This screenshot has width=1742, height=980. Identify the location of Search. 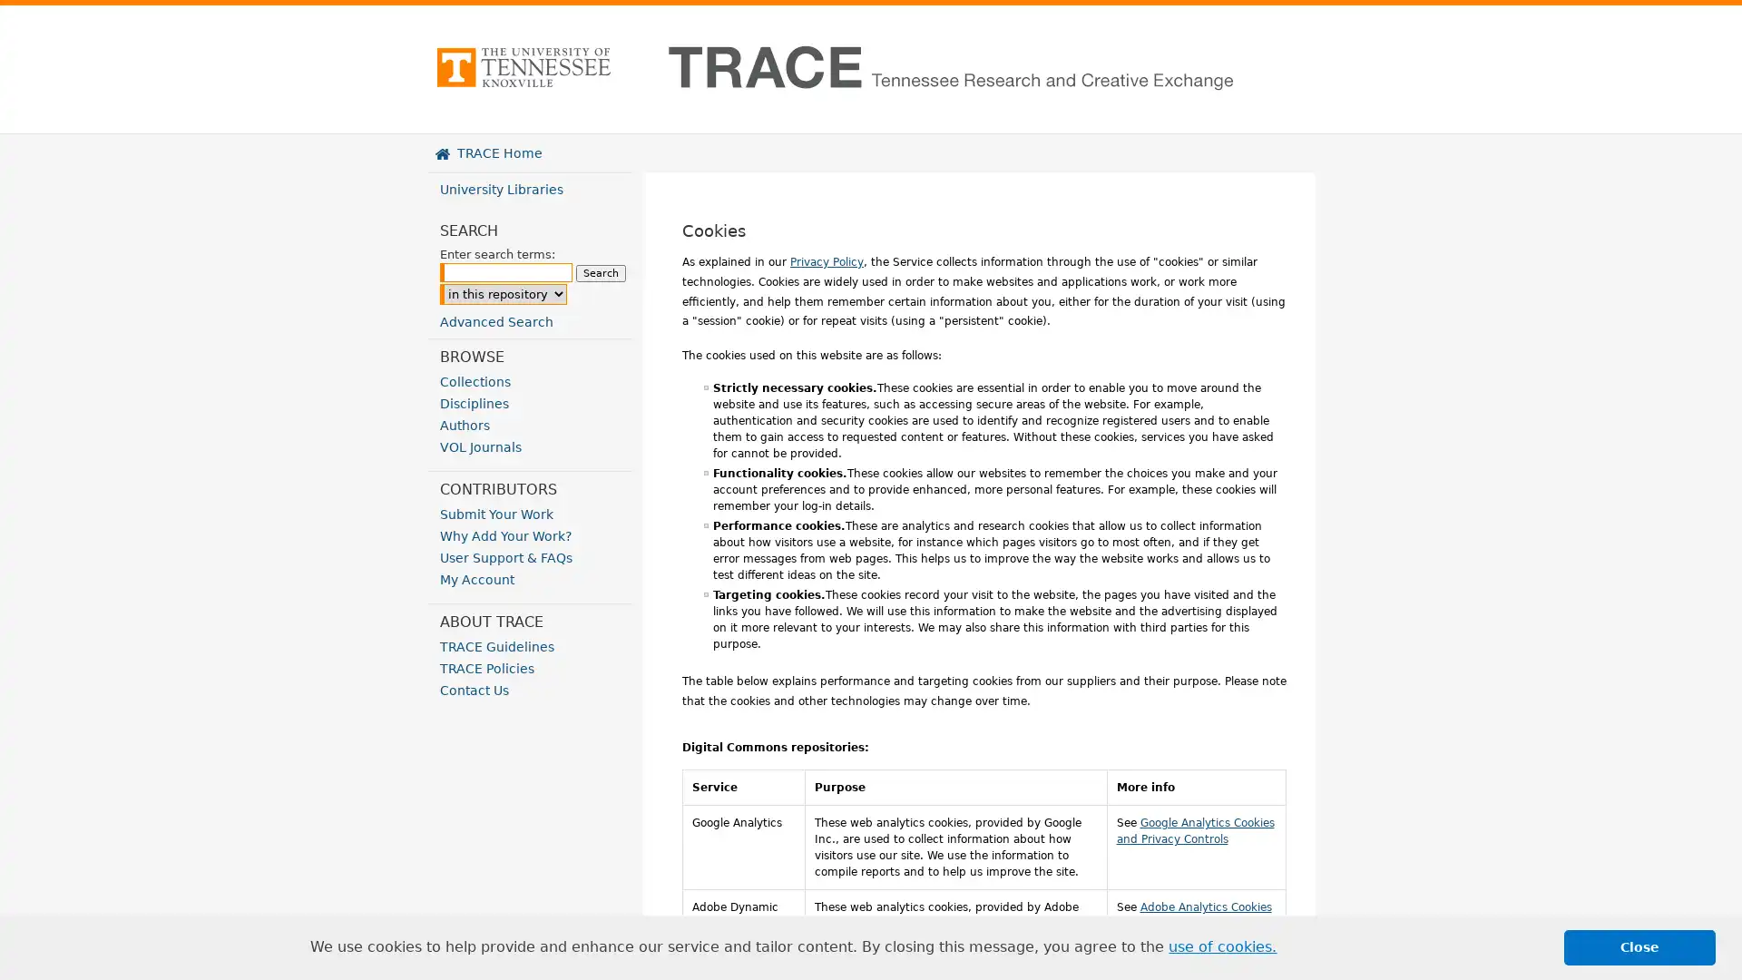
(601, 273).